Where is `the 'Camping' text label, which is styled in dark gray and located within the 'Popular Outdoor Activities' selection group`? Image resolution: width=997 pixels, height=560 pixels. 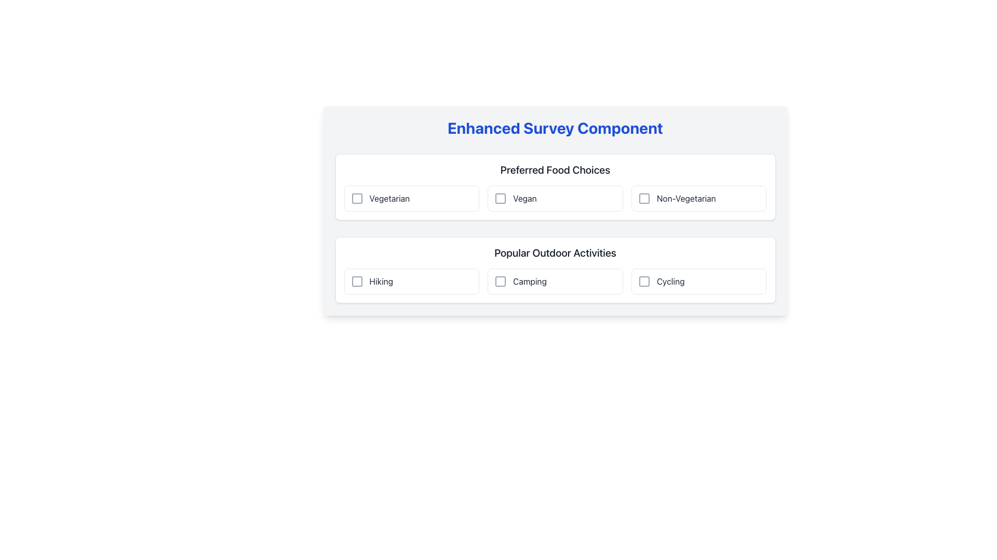 the 'Camping' text label, which is styled in dark gray and located within the 'Popular Outdoor Activities' selection group is located at coordinates (530, 282).